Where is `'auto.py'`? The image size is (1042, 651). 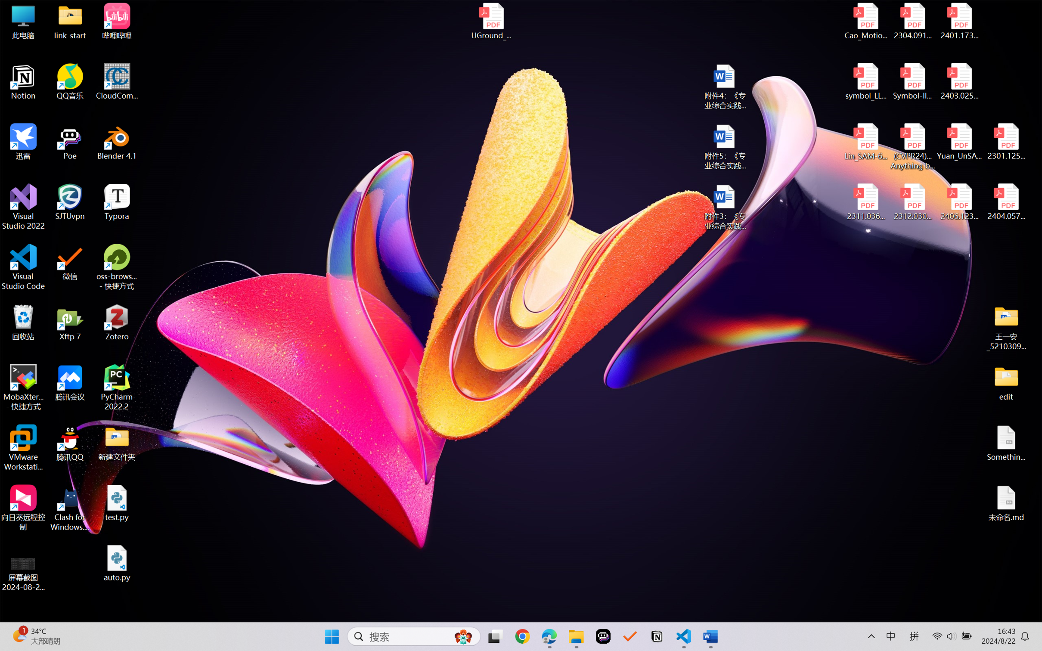 'auto.py' is located at coordinates (117, 563).